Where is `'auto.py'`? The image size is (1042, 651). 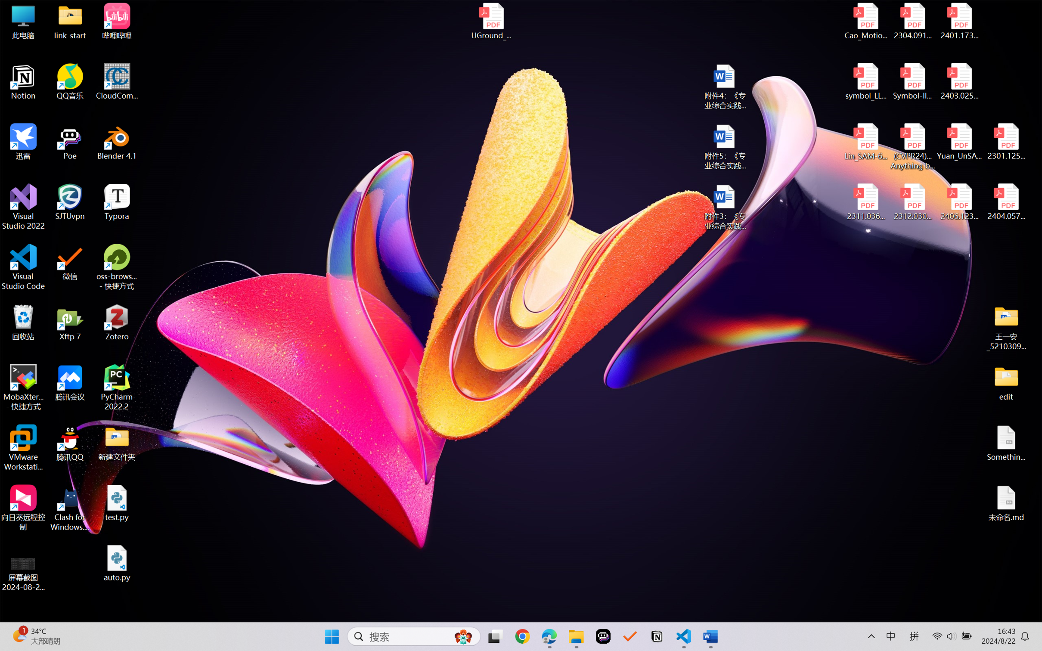 'auto.py' is located at coordinates (117, 563).